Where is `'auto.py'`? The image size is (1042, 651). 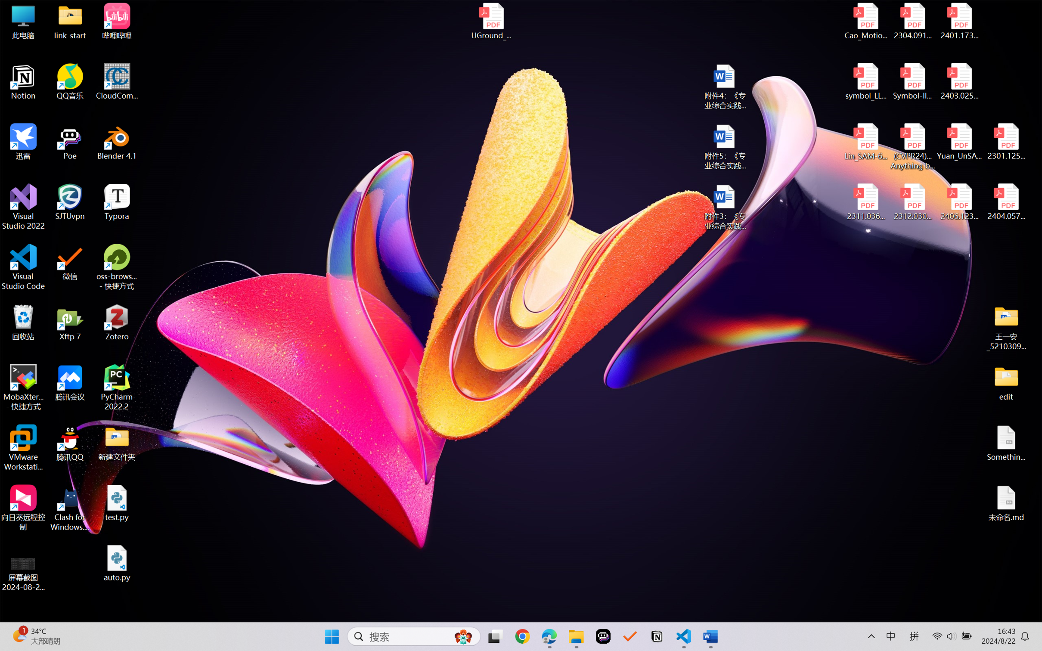 'auto.py' is located at coordinates (117, 563).